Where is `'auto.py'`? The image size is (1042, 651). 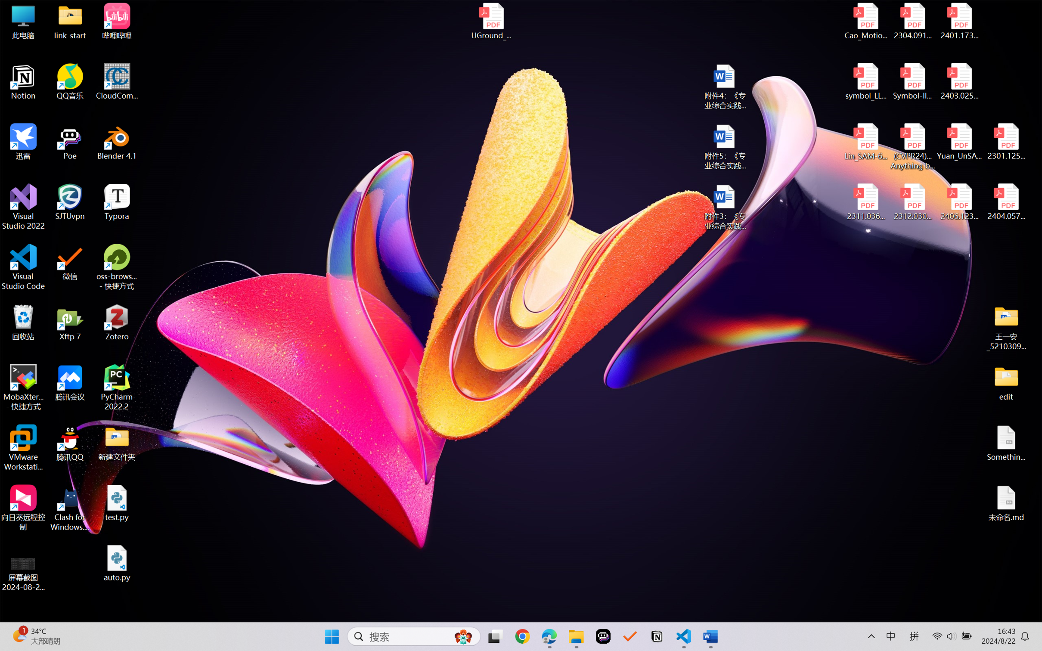 'auto.py' is located at coordinates (117, 563).